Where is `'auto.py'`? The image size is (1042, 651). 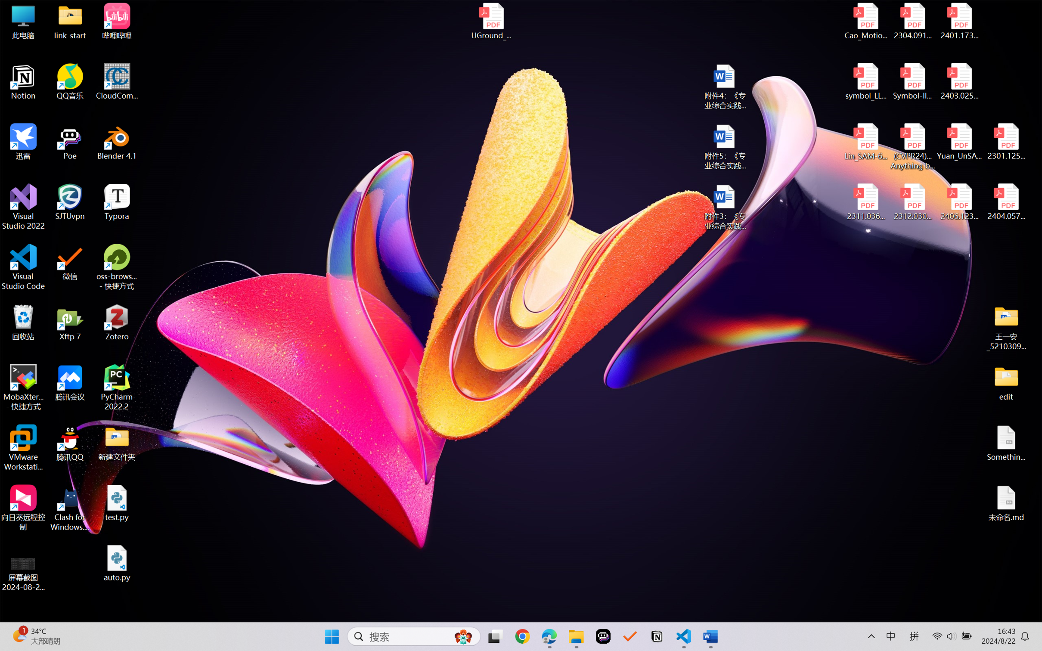 'auto.py' is located at coordinates (117, 563).